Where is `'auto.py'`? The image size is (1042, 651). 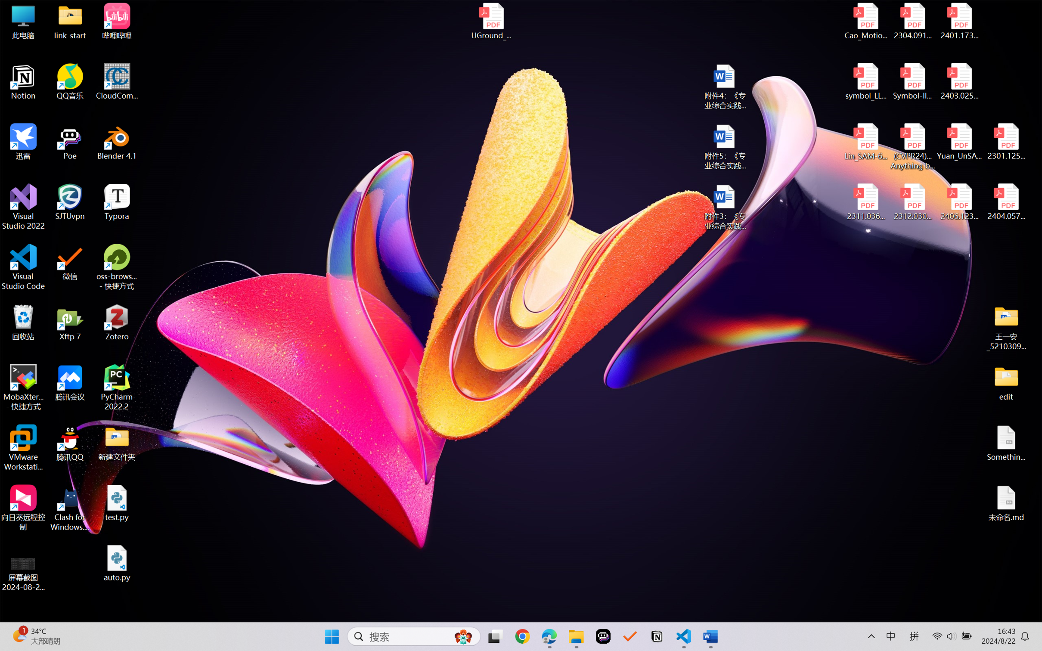 'auto.py' is located at coordinates (117, 563).